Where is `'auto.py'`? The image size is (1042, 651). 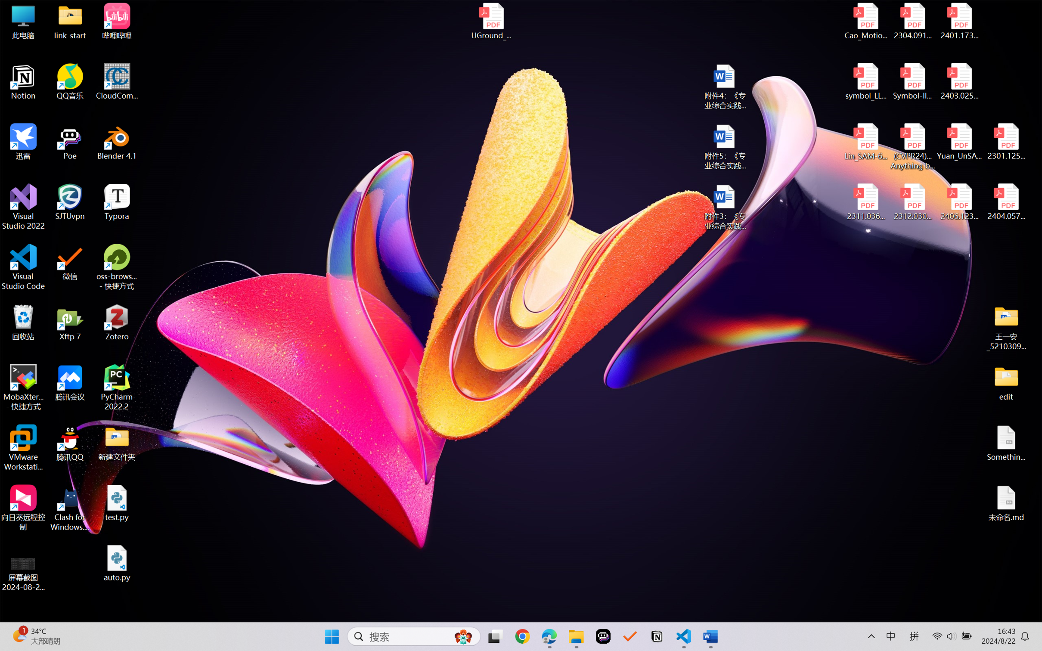 'auto.py' is located at coordinates (117, 563).